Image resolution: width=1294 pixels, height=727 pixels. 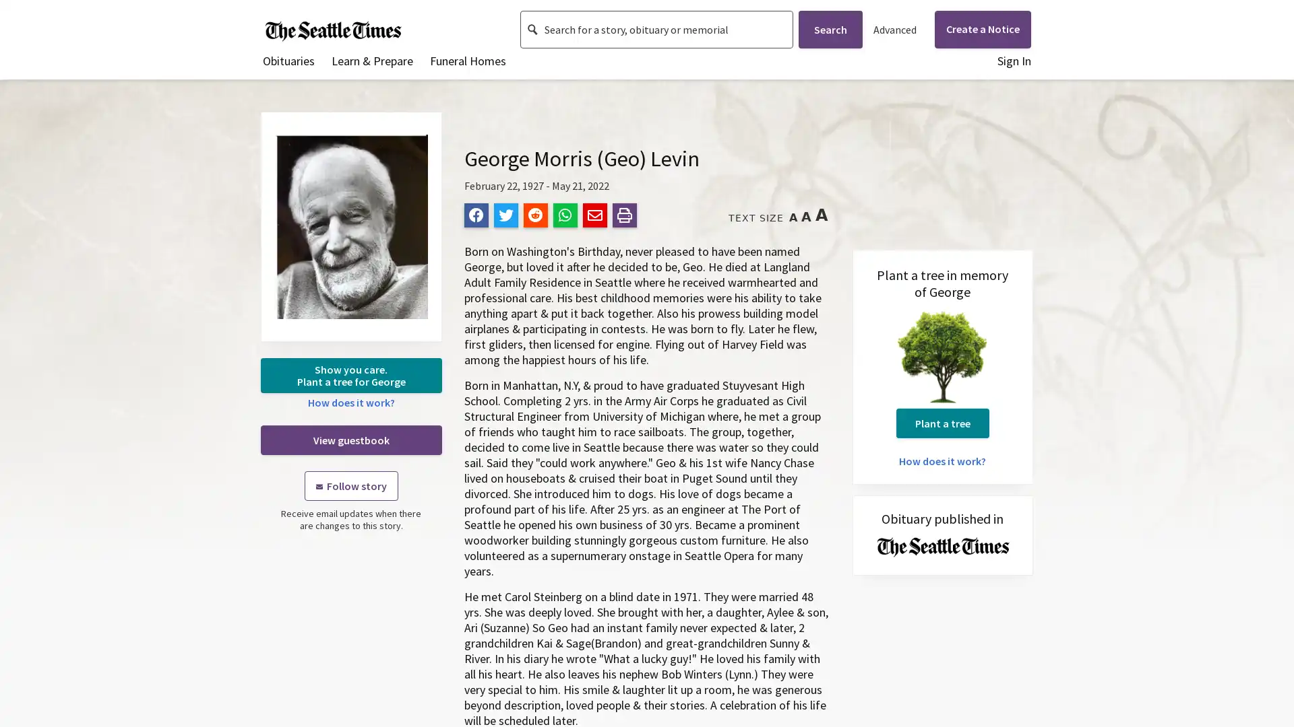 What do you see at coordinates (475, 215) in the screenshot?
I see `Facebook - Opens a new Window` at bounding box center [475, 215].